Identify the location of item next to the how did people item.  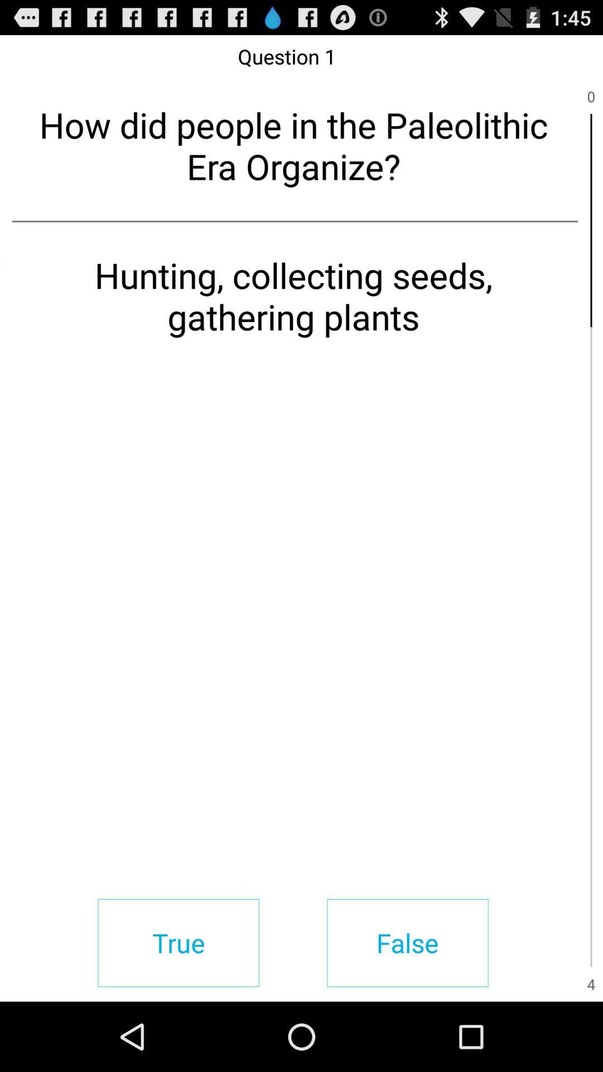
(591, 220).